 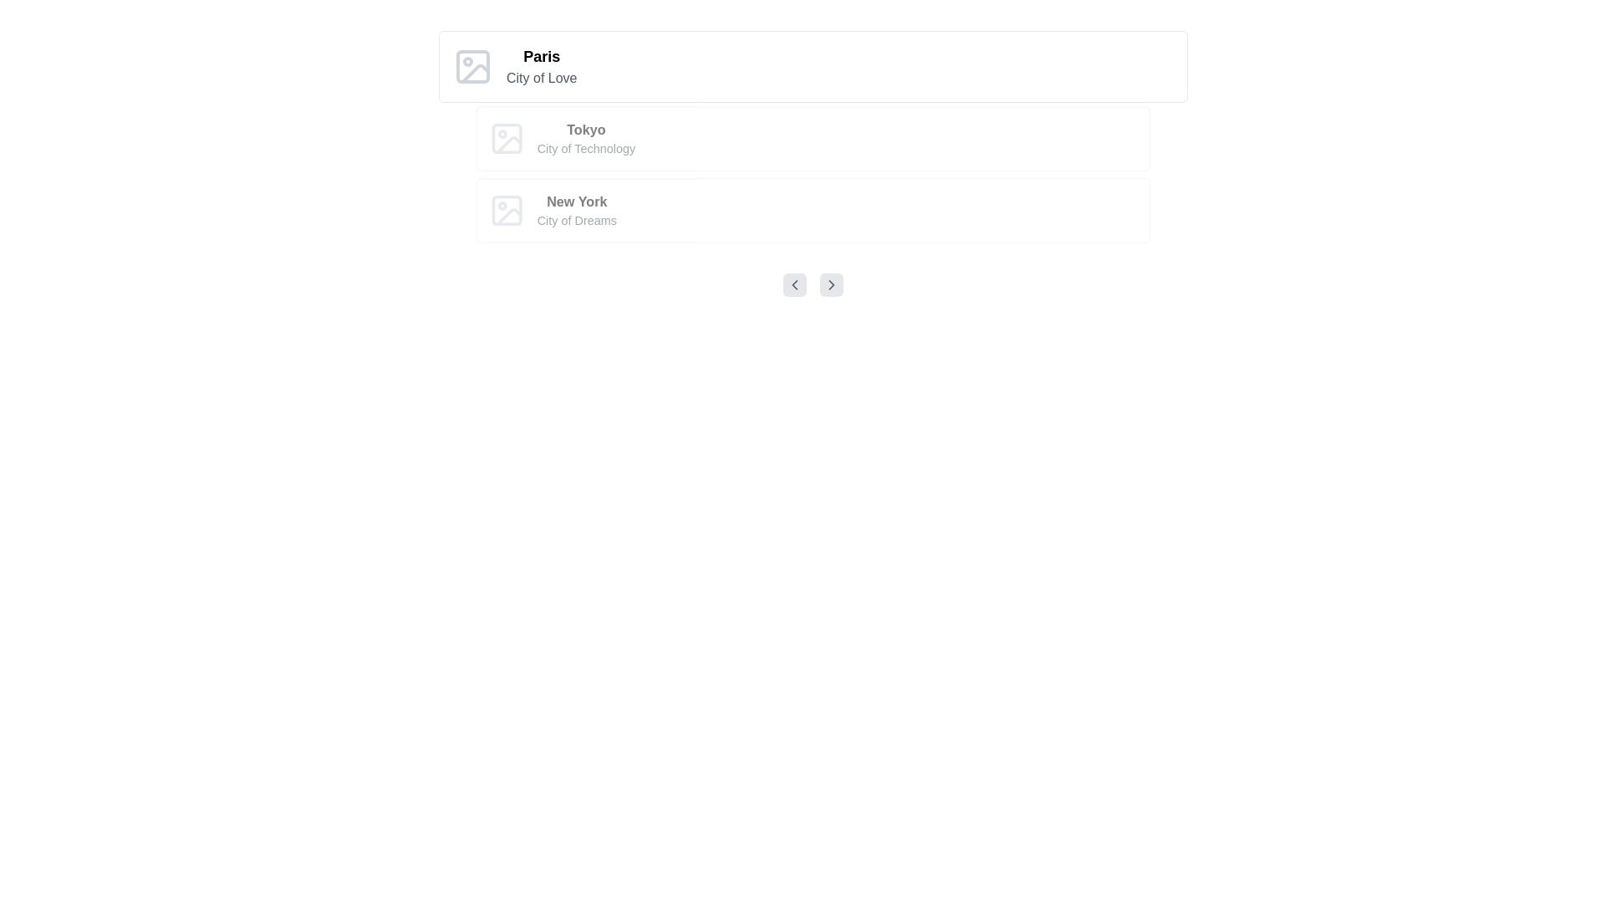 I want to click on the text label 'City of Technology', which is styled in gray and located directly below the bold 'Tokyo' text, so click(x=586, y=148).